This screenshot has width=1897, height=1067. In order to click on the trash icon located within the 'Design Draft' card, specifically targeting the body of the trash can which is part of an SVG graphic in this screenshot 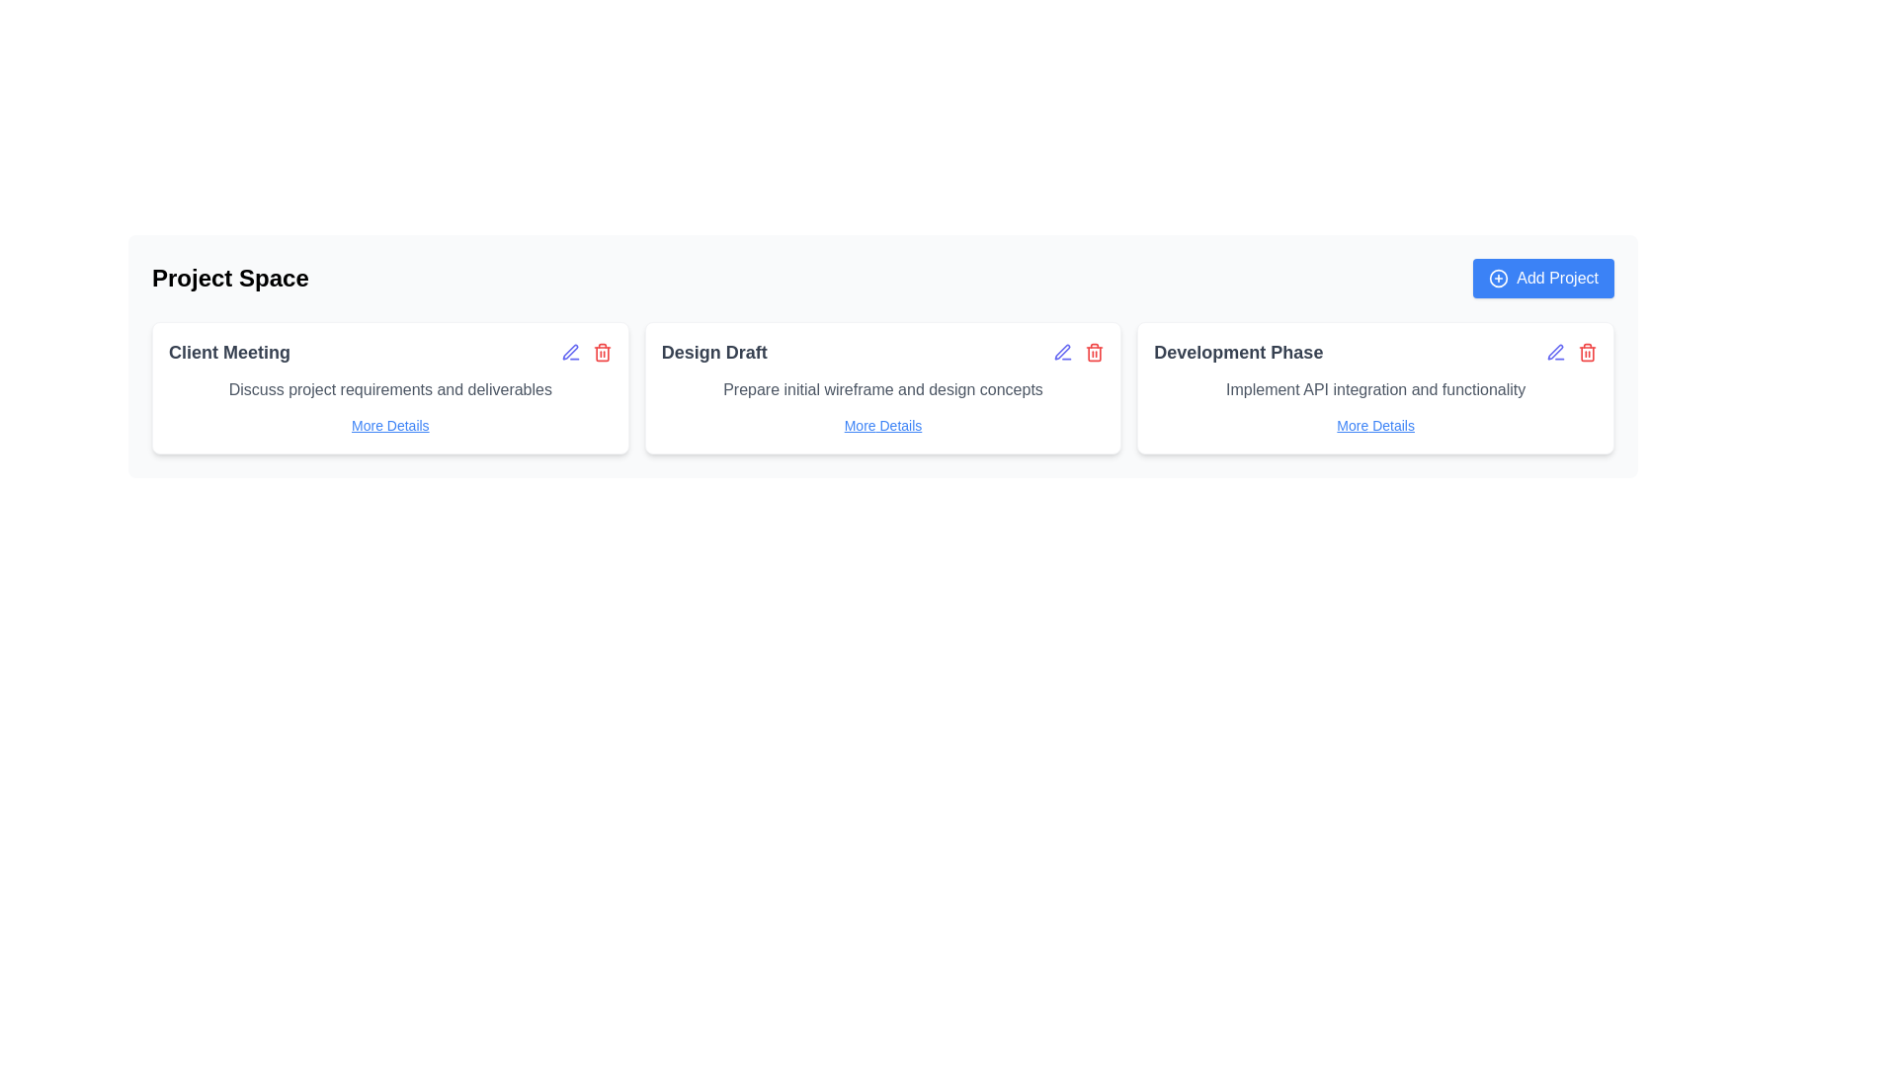, I will do `click(1094, 353)`.